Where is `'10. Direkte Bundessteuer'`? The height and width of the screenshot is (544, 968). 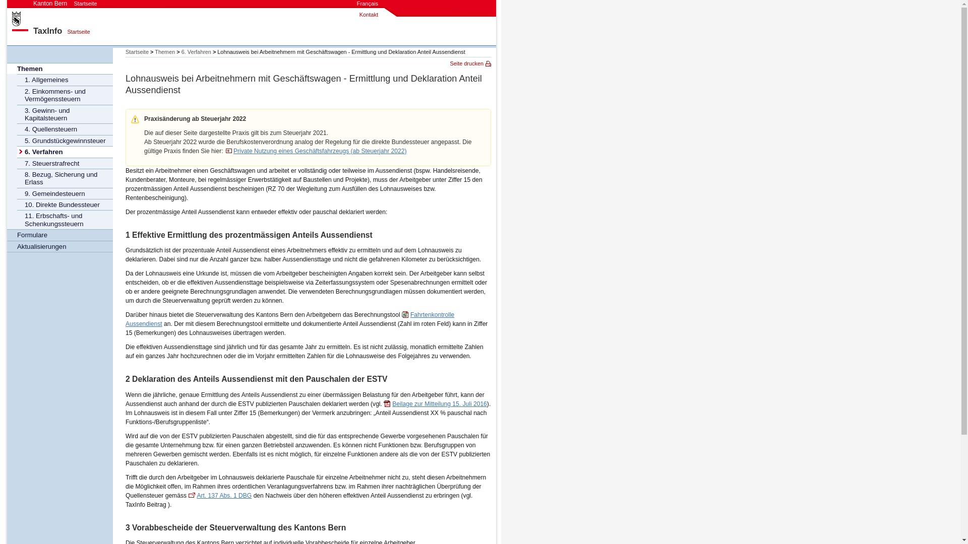
'10. Direkte Bundessteuer' is located at coordinates (65, 204).